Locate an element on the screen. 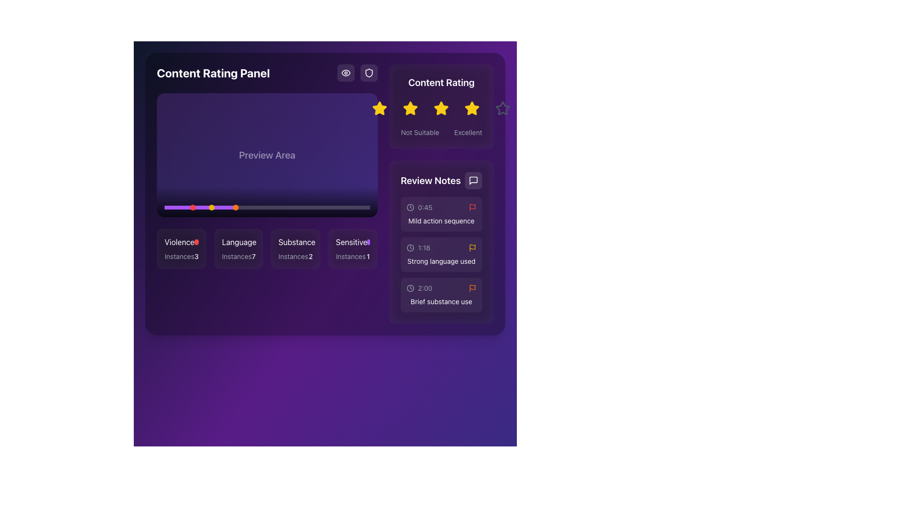 The width and height of the screenshot is (924, 519). the fourth circular progress marker, which represents the 'Brief substance use' entry on the timeline is located at coordinates (236, 207).